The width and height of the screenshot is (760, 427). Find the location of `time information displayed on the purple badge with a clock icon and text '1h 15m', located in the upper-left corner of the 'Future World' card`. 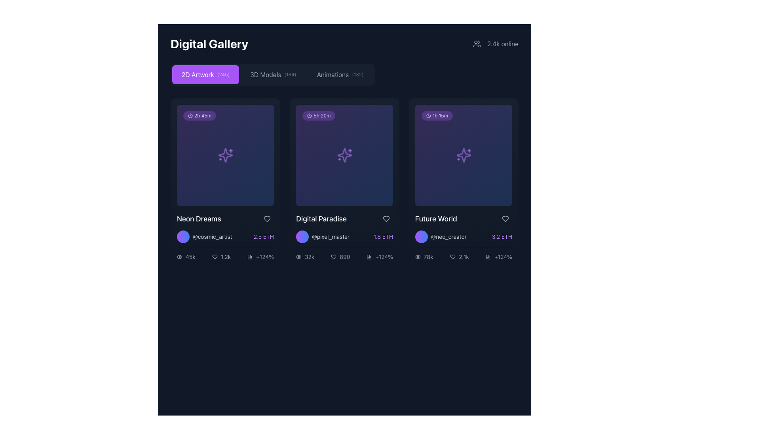

time information displayed on the purple badge with a clock icon and text '1h 15m', located in the upper-left corner of the 'Future World' card is located at coordinates (437, 116).